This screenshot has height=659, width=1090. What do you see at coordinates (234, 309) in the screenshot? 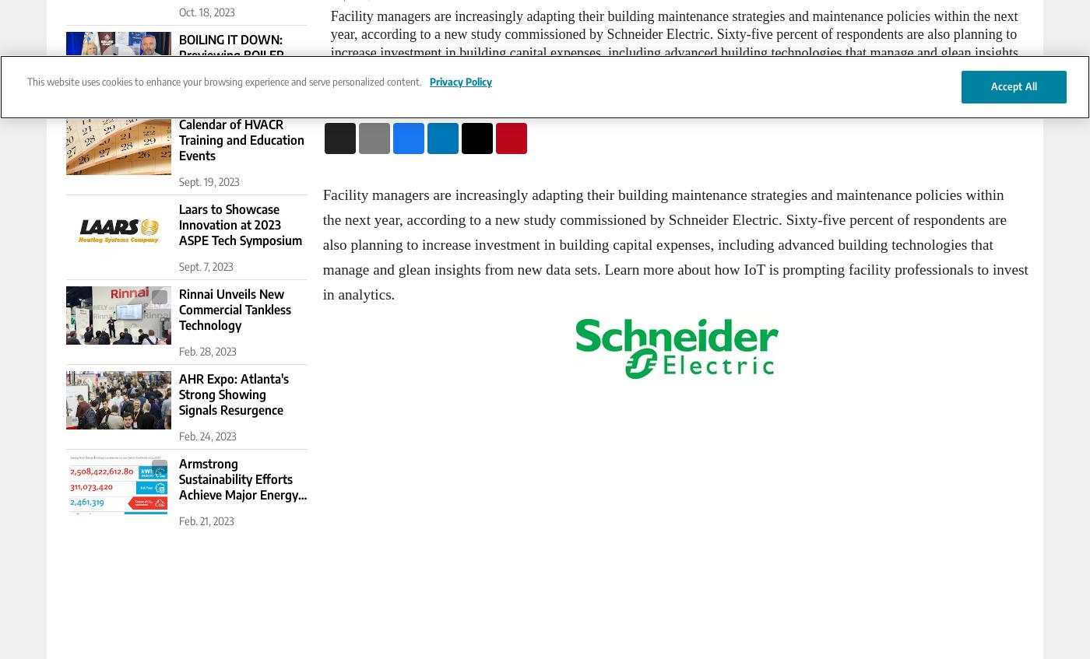
I see `'Rinnai Unveils New Commercial Tankless Technology'` at bounding box center [234, 309].